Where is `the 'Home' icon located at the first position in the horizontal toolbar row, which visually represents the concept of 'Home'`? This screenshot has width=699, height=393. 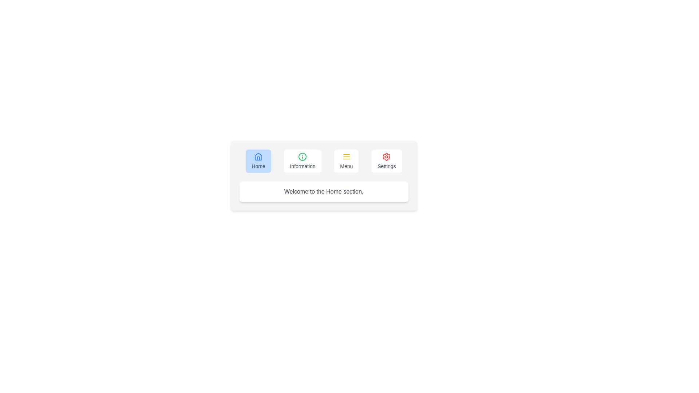 the 'Home' icon located at the first position in the horizontal toolbar row, which visually represents the concept of 'Home' is located at coordinates (258, 156).